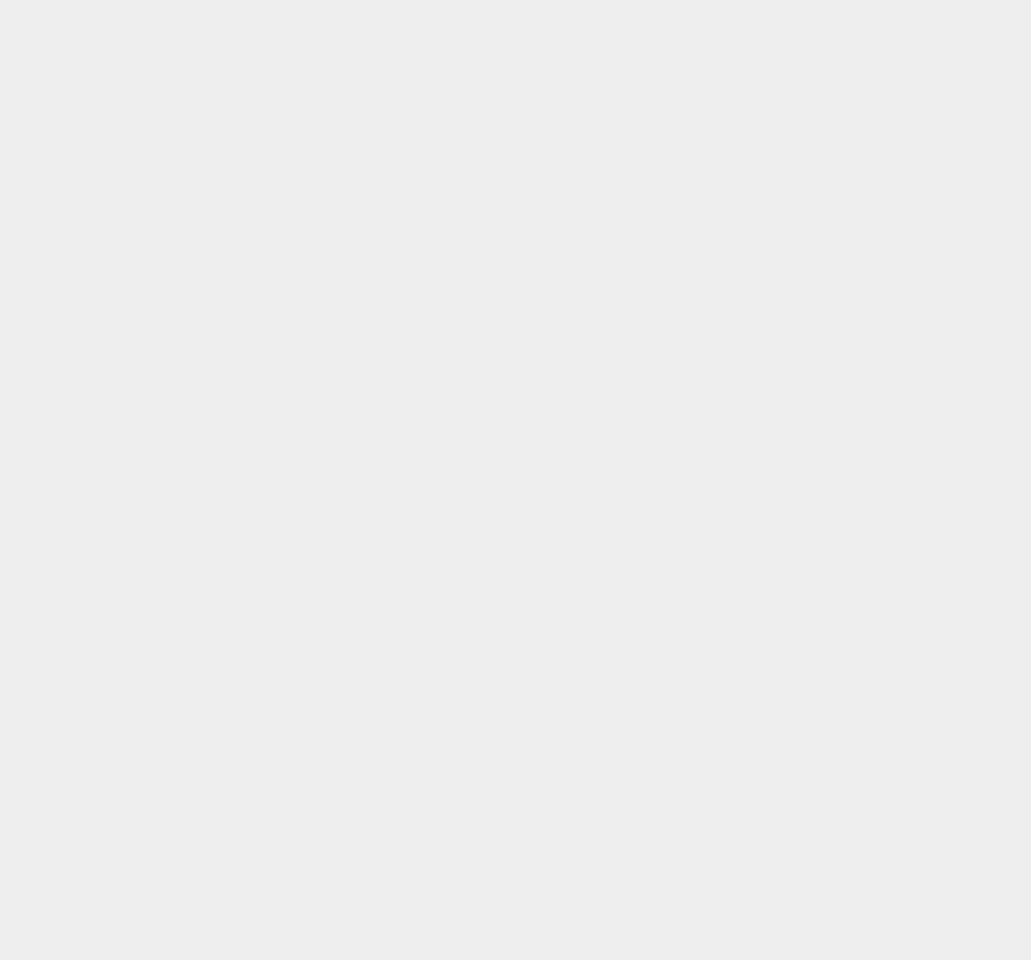 The width and height of the screenshot is (1031, 960). What do you see at coordinates (757, 25) in the screenshot?
I see `'Instagram'` at bounding box center [757, 25].